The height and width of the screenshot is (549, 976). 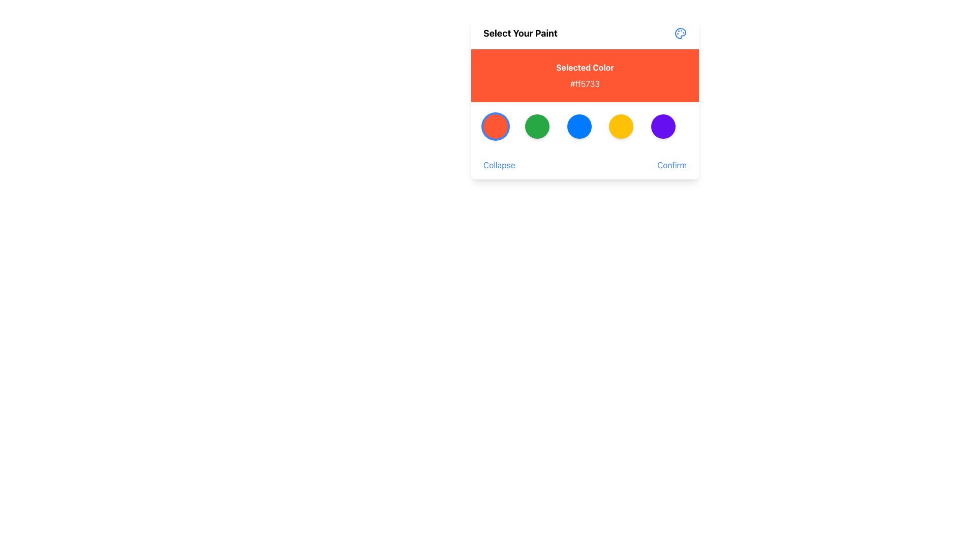 What do you see at coordinates (585, 83) in the screenshot?
I see `information displayed in the Text Display element showing '#ff5733', which is bold and centered on a bright red background, located below the 'Selected Color' label` at bounding box center [585, 83].